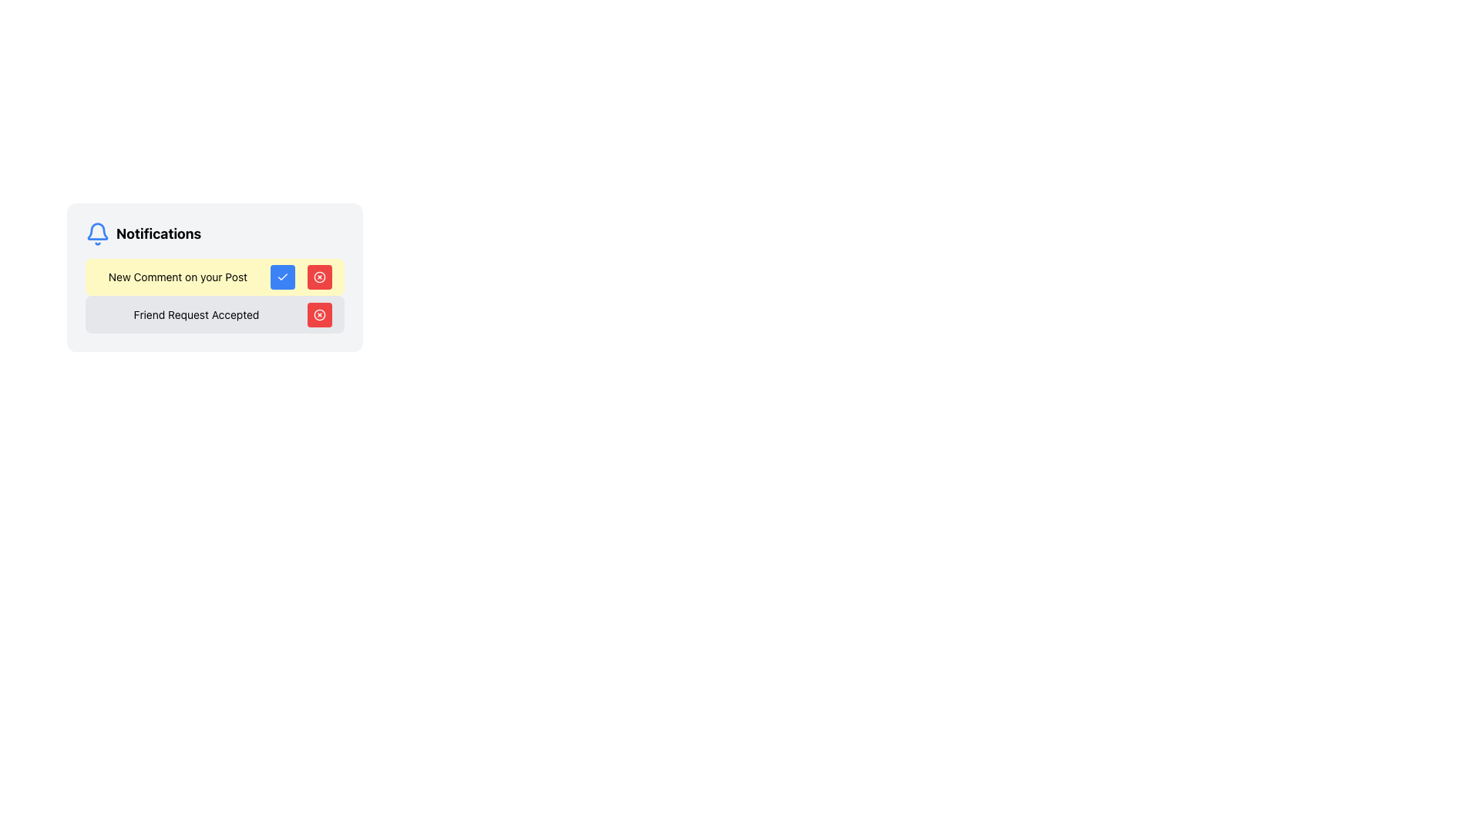 This screenshot has width=1480, height=832. I want to click on bell-shaped notification icon located to the left of the text 'Notifications' for additional information, so click(96, 234).